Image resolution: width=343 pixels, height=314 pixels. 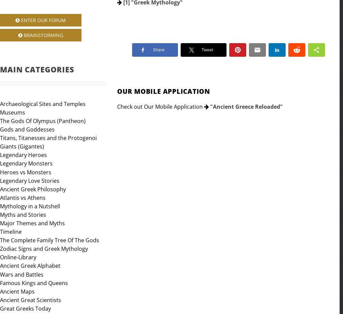 I want to click on '"Ancient Greece Reloaded"', so click(x=246, y=106).